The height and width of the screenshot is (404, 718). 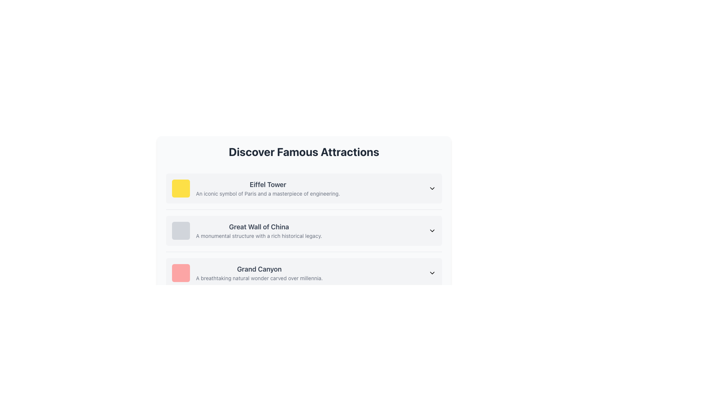 I want to click on the 'Grand Canyon' heading text, so click(x=259, y=269).